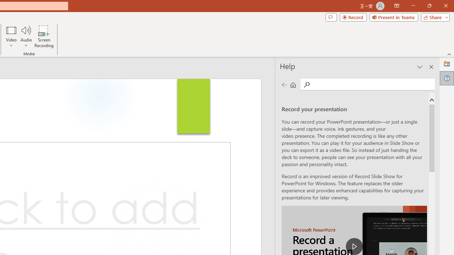 This screenshot has width=454, height=255. Describe the element at coordinates (284, 84) in the screenshot. I see `'Previous page'` at that location.